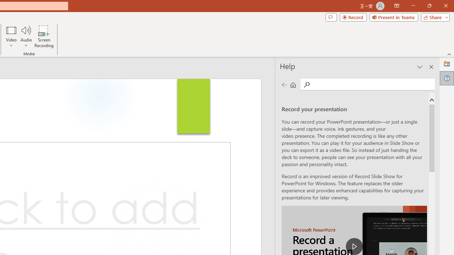 This screenshot has width=454, height=255. Describe the element at coordinates (284, 84) in the screenshot. I see `'Previous page'` at that location.